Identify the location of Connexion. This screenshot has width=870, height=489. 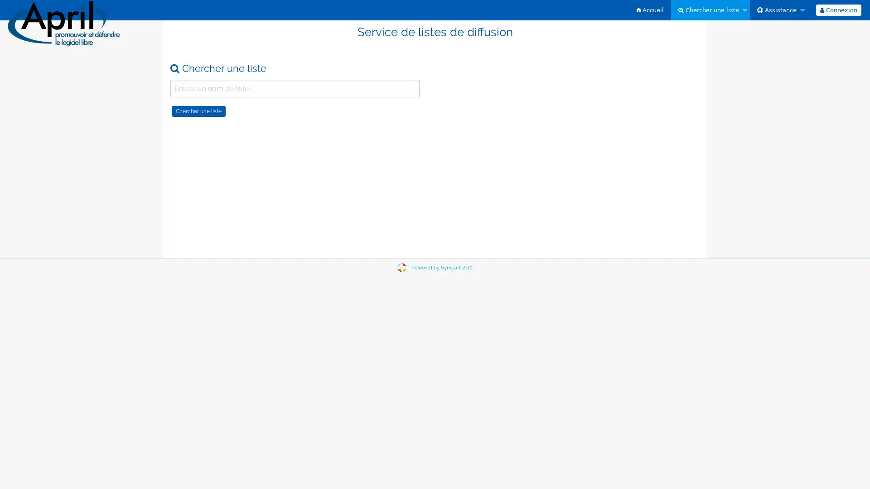
(837, 10).